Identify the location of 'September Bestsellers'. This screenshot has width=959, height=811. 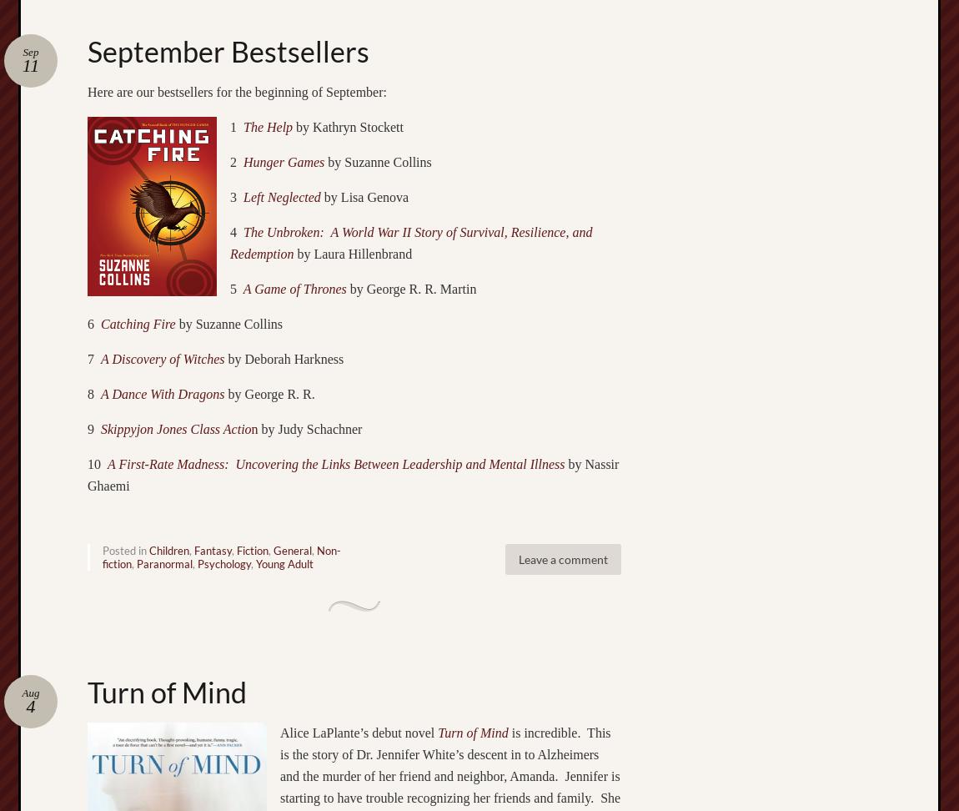
(86, 50).